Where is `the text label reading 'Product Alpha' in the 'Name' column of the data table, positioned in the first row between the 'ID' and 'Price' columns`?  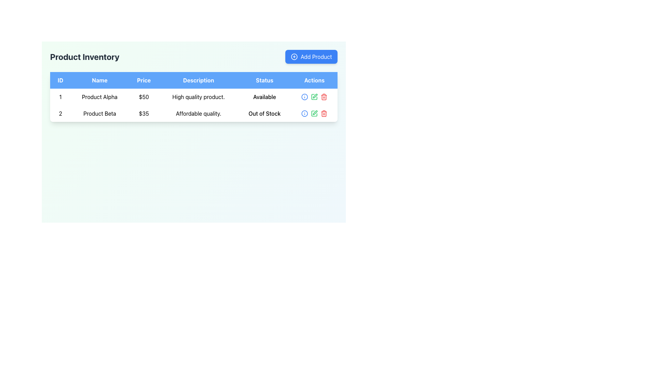 the text label reading 'Product Alpha' in the 'Name' column of the data table, positioned in the first row between the 'ID' and 'Price' columns is located at coordinates (99, 97).